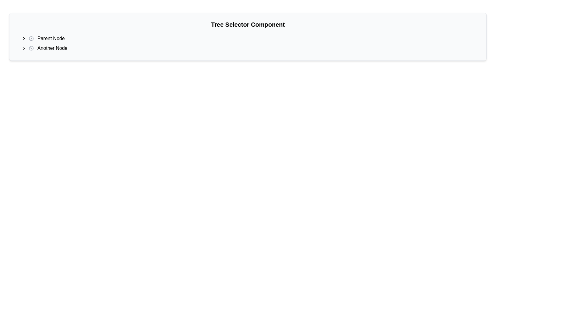 This screenshot has width=584, height=328. Describe the element at coordinates (52, 48) in the screenshot. I see `the displayed text 'Another Node' from the Text Label element, which is horizontally aligned and positioned to the right of an icon with a circle and an 'X' symbol` at that location.